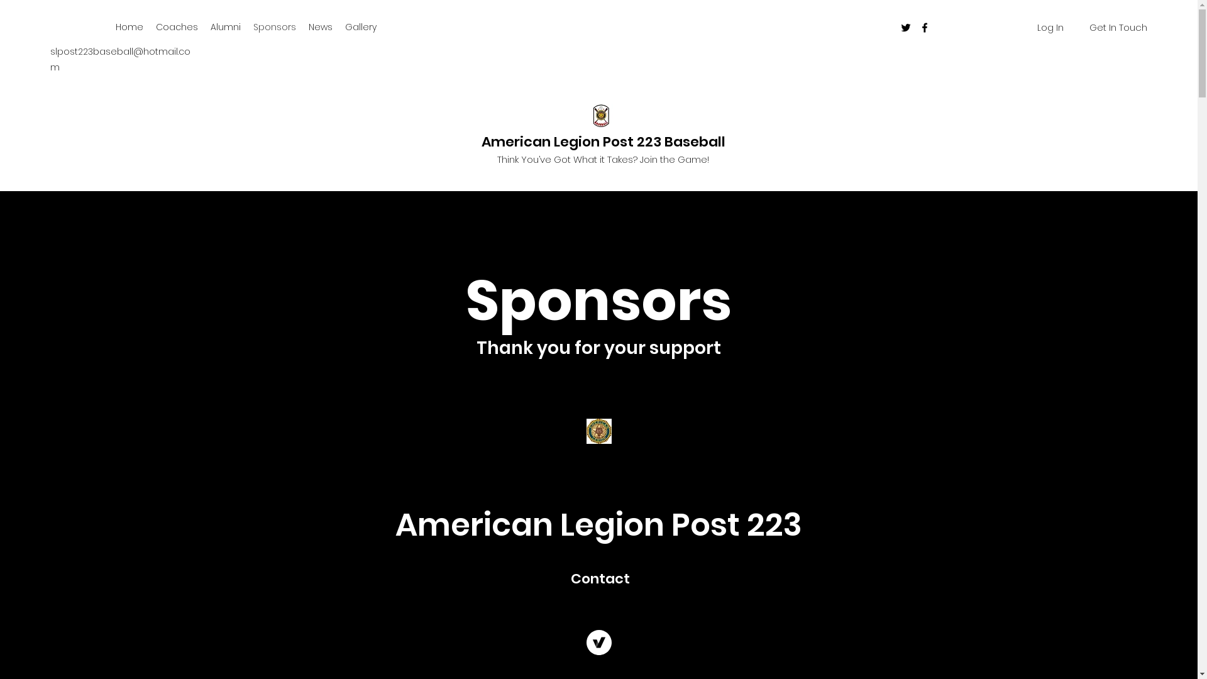 This screenshot has width=1207, height=679. What do you see at coordinates (600, 578) in the screenshot?
I see `'Contact'` at bounding box center [600, 578].